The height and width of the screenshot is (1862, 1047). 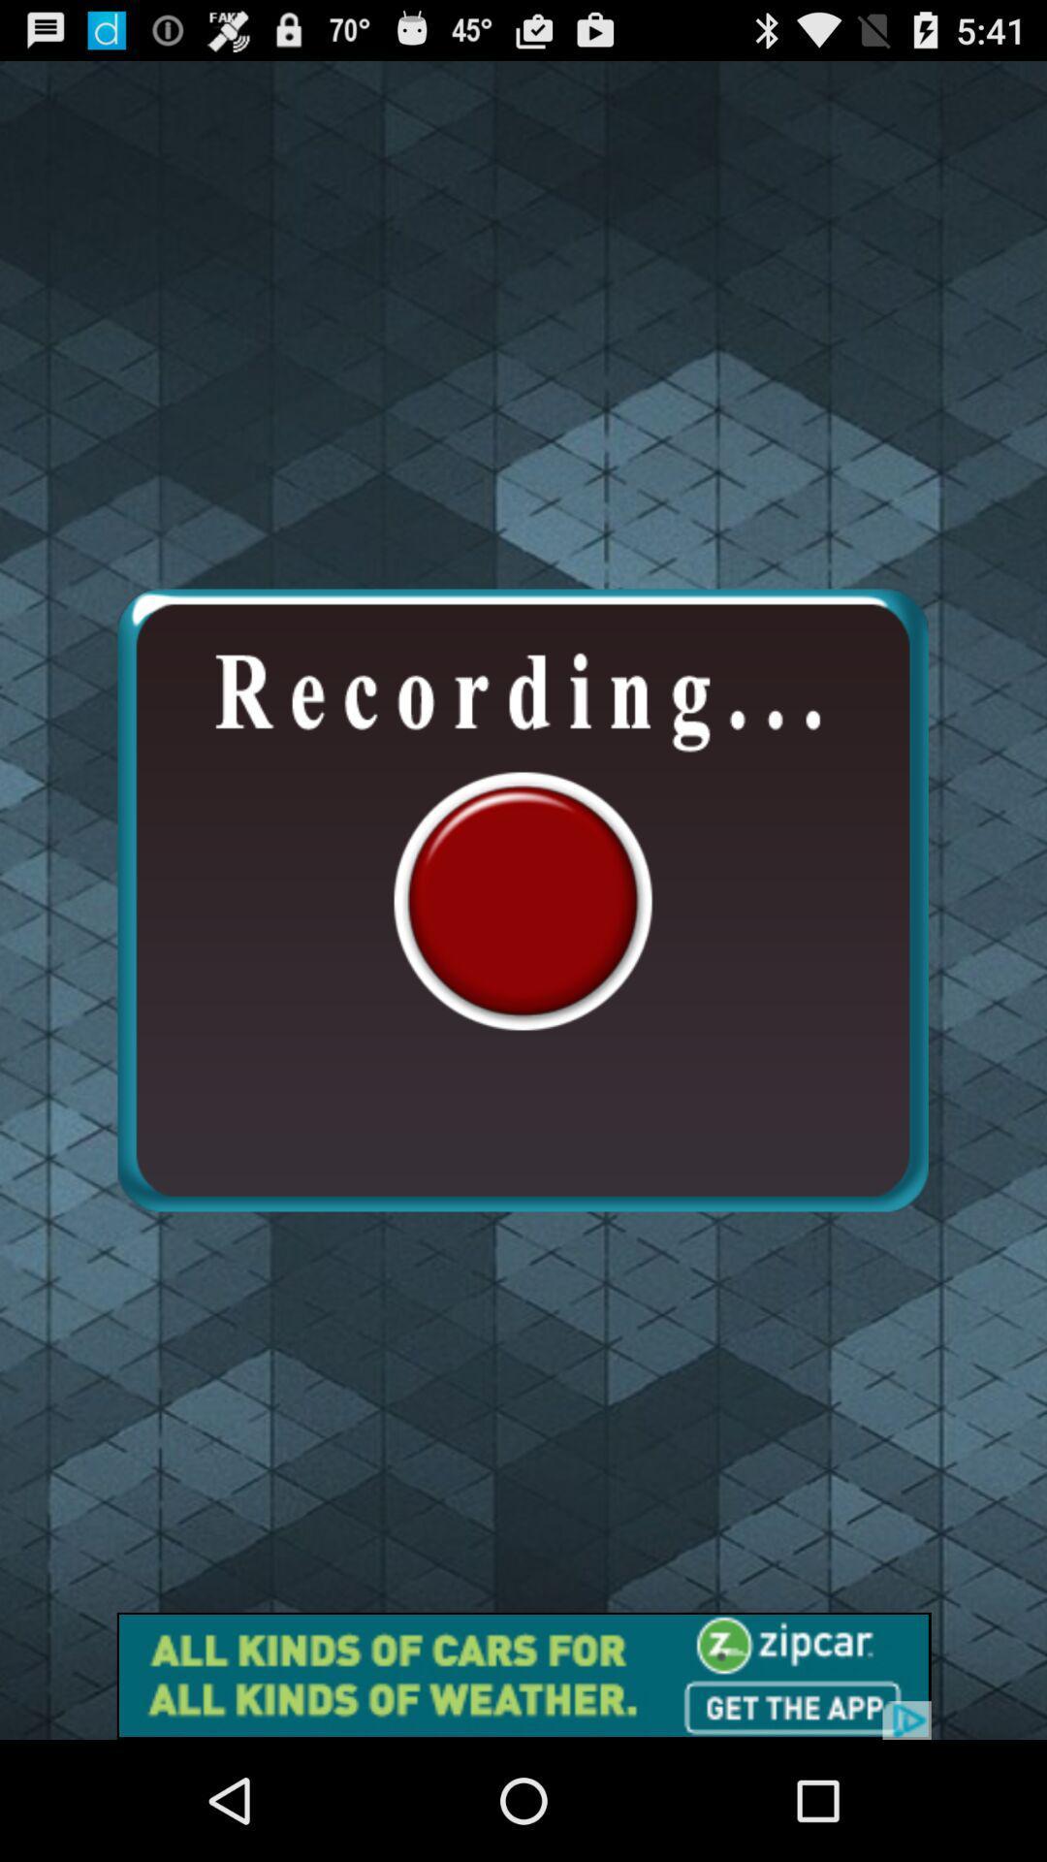 What do you see at coordinates (523, 1675) in the screenshot?
I see `open advertisement` at bounding box center [523, 1675].